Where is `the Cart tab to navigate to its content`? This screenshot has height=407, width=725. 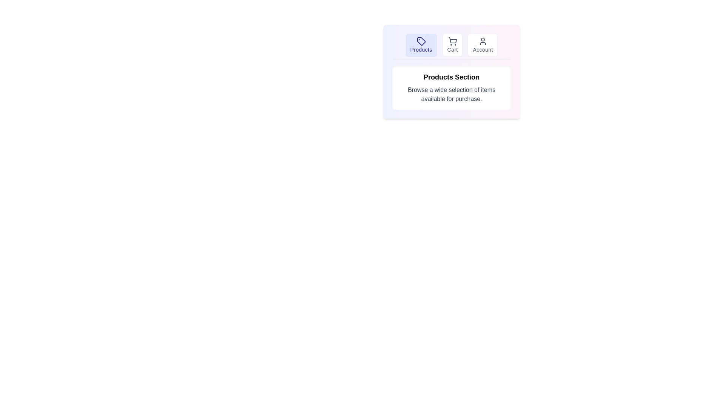
the Cart tab to navigate to its content is located at coordinates (452, 45).